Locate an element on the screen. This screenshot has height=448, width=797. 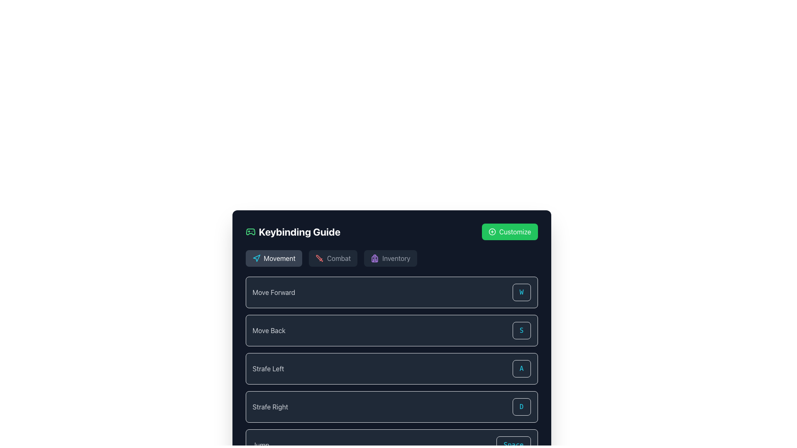
the non-interactive text label that displays the keybinding for the action 'Strafe Right', which indicates that pressing the 'D' key will trigger this action is located at coordinates (521, 406).